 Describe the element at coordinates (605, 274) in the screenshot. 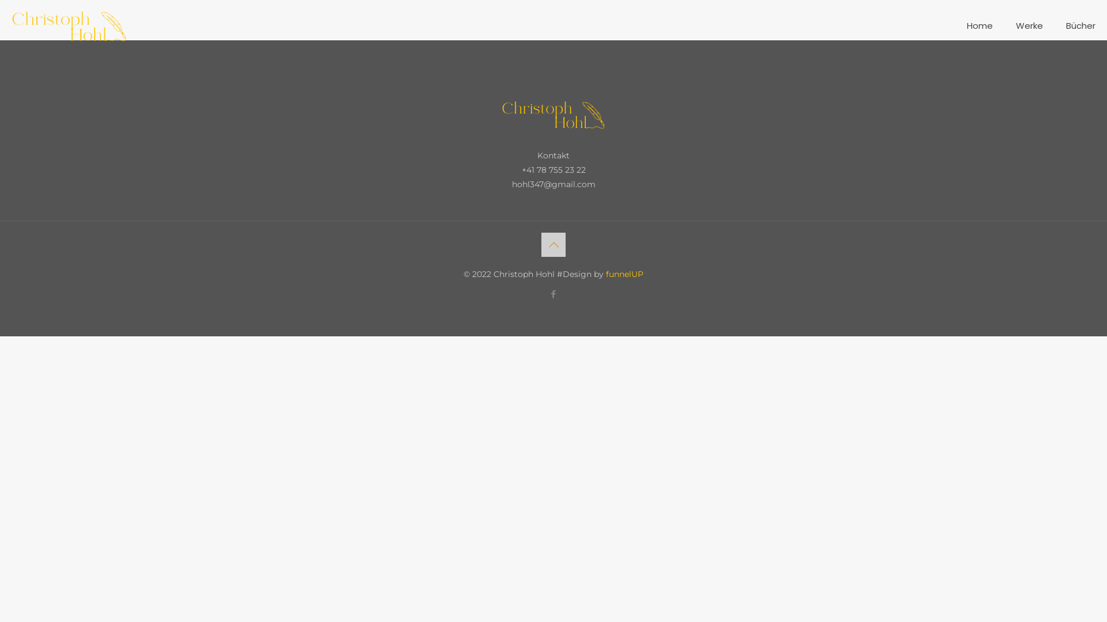

I see `'funnelUP'` at that location.